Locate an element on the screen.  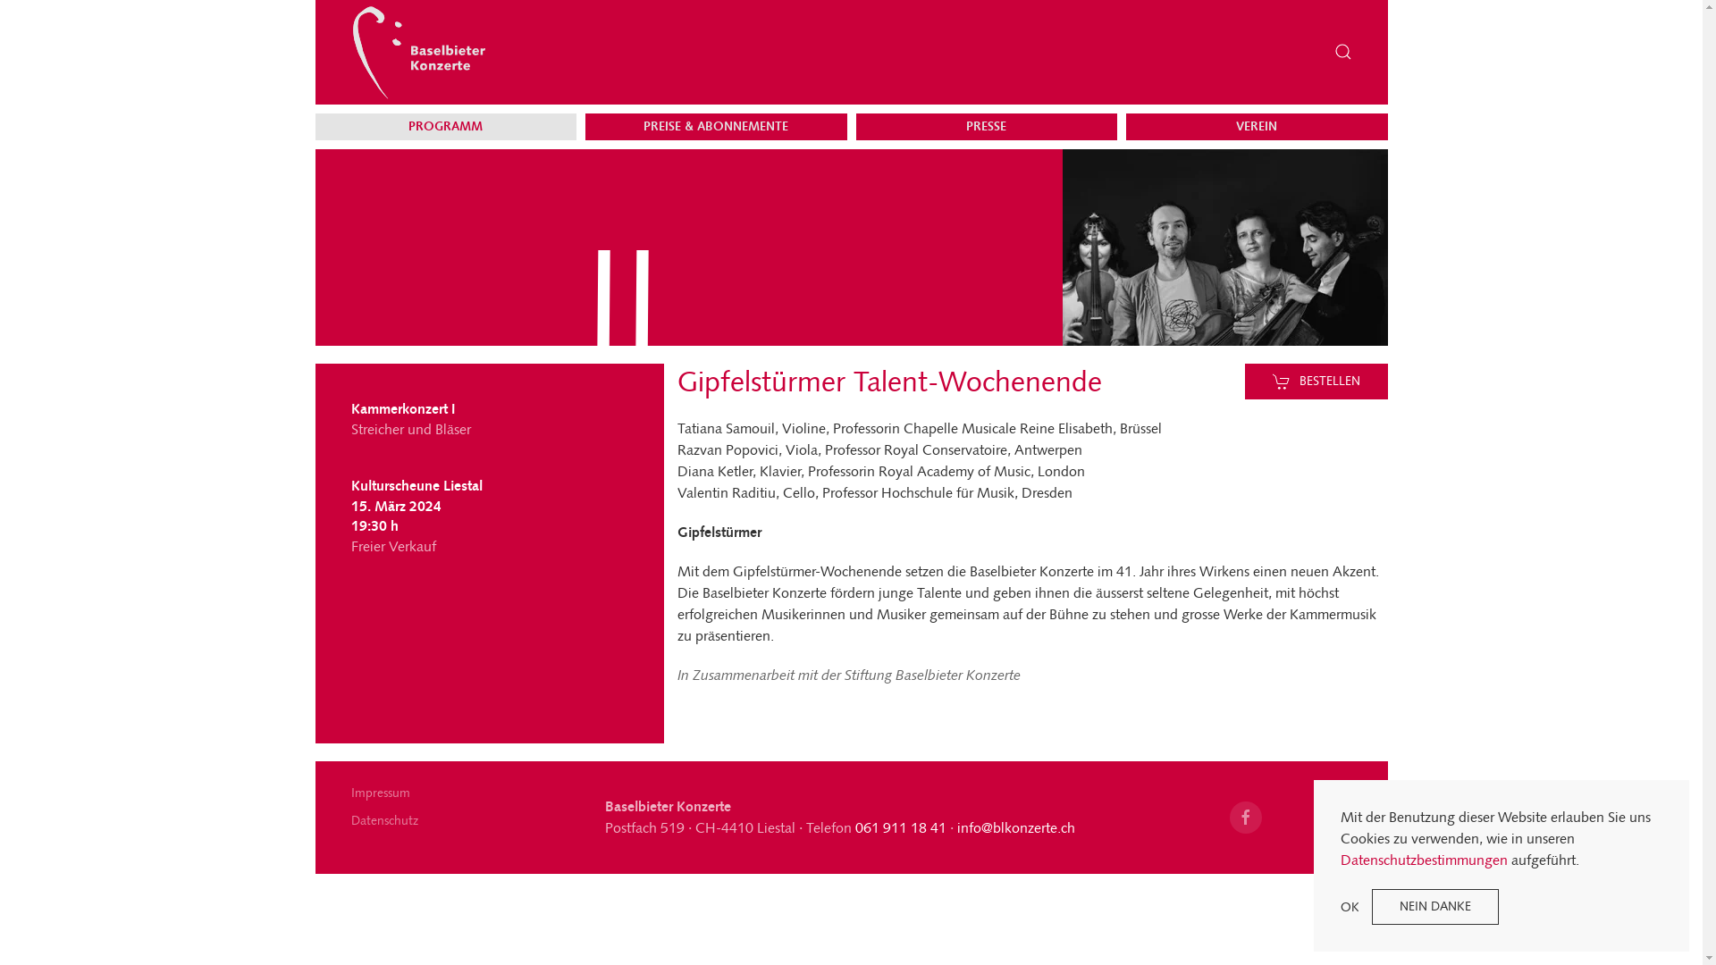
'OK' is located at coordinates (1350, 906).